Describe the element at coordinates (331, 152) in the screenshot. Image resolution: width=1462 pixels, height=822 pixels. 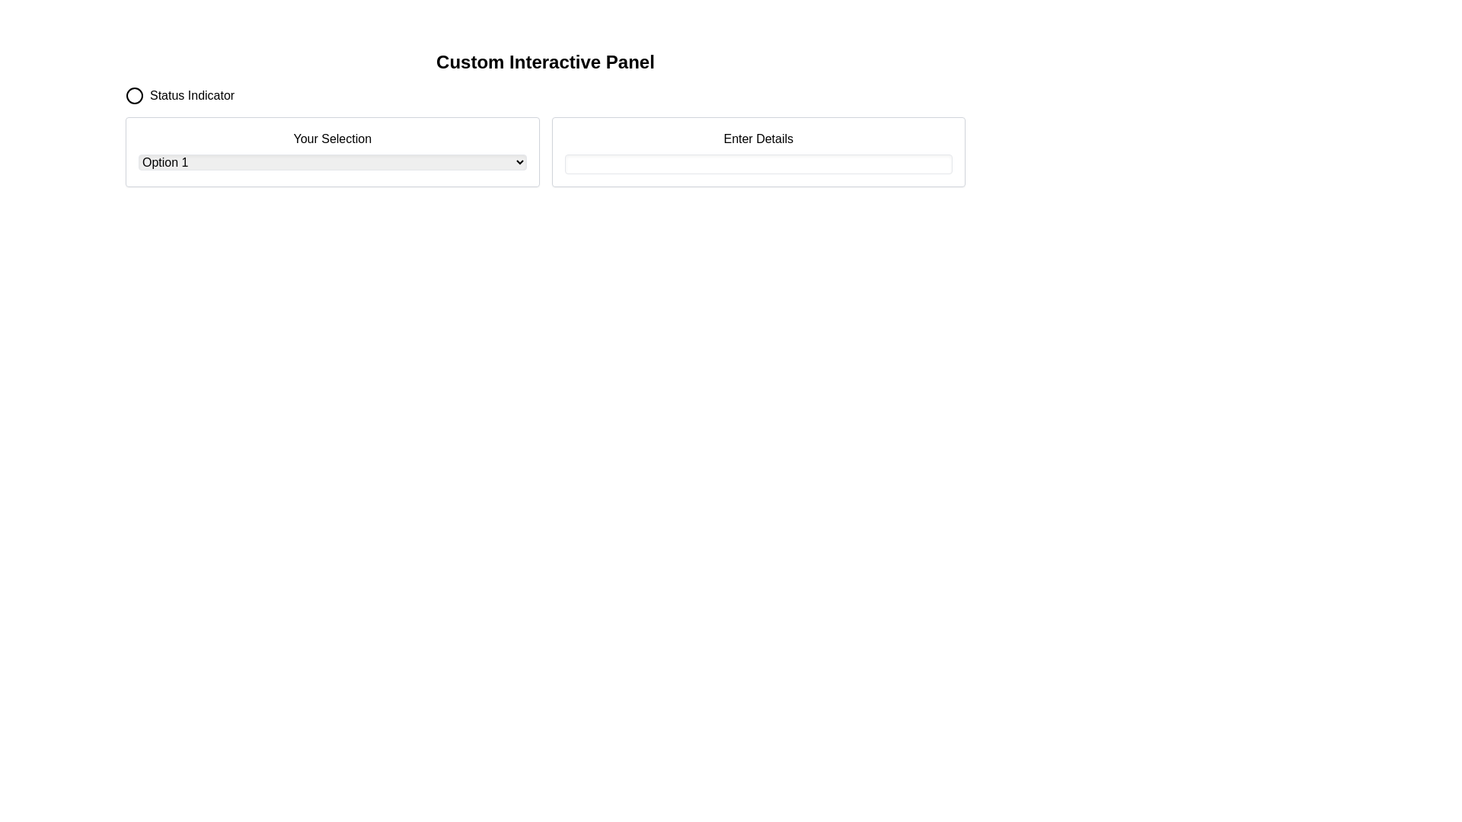
I see `an option from the dropdown menu labeled 'Your Selection' that currently shows 'Option 1'` at that location.